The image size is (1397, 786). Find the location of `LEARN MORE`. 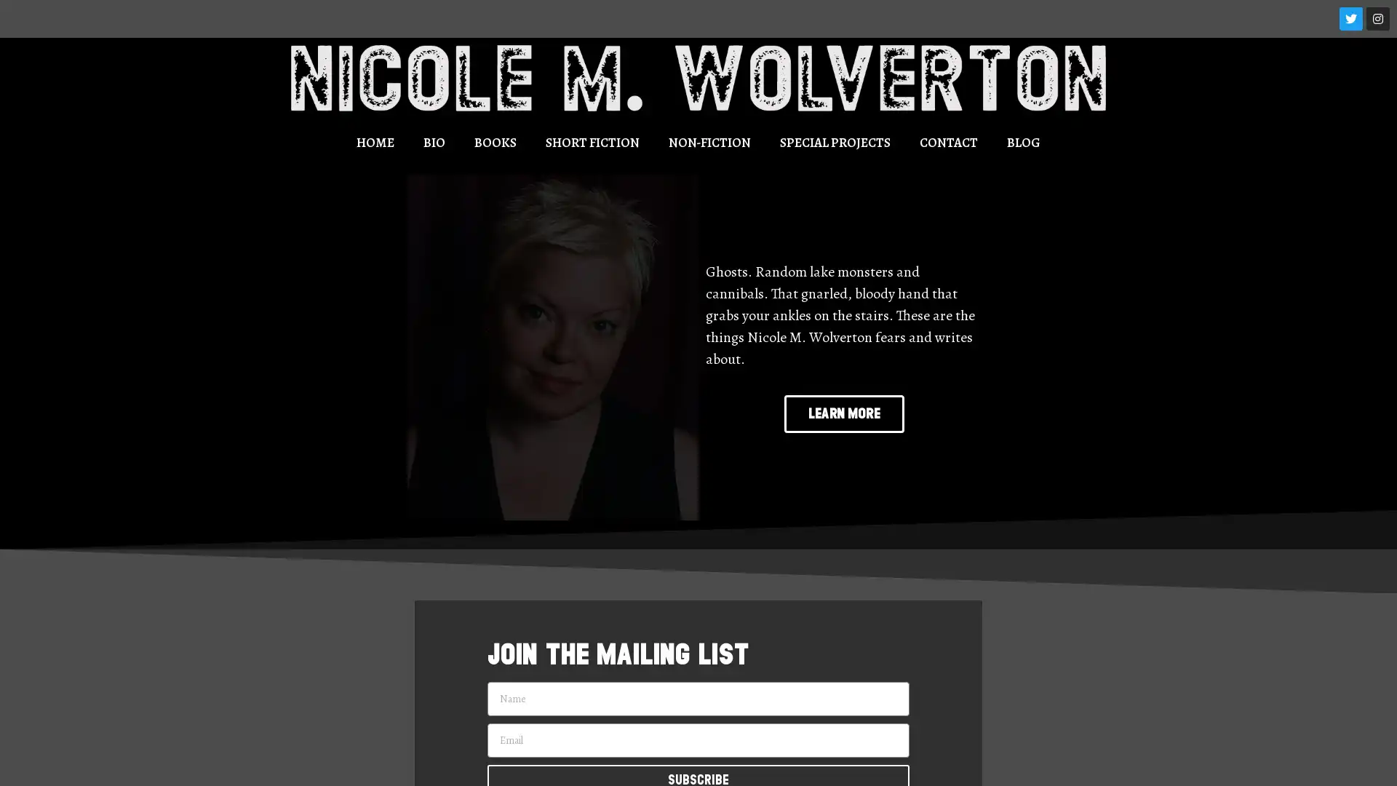

LEARN MORE is located at coordinates (843, 414).